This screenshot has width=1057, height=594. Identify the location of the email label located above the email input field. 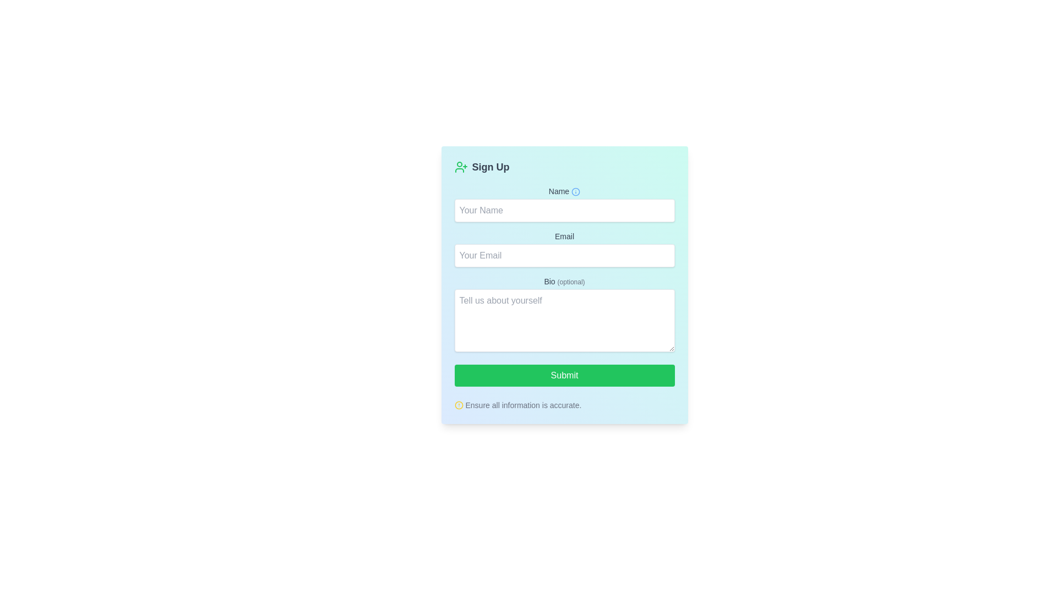
(564, 235).